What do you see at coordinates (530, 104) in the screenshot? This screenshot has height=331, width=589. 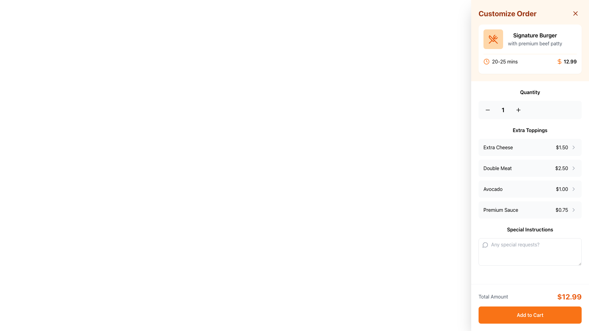 I see `the quantity selector buttons for visual feedback, which includes the decrement ('-') and increment ('+') controls located at the center of the quantity selector beneath 'Customize Order'` at bounding box center [530, 104].